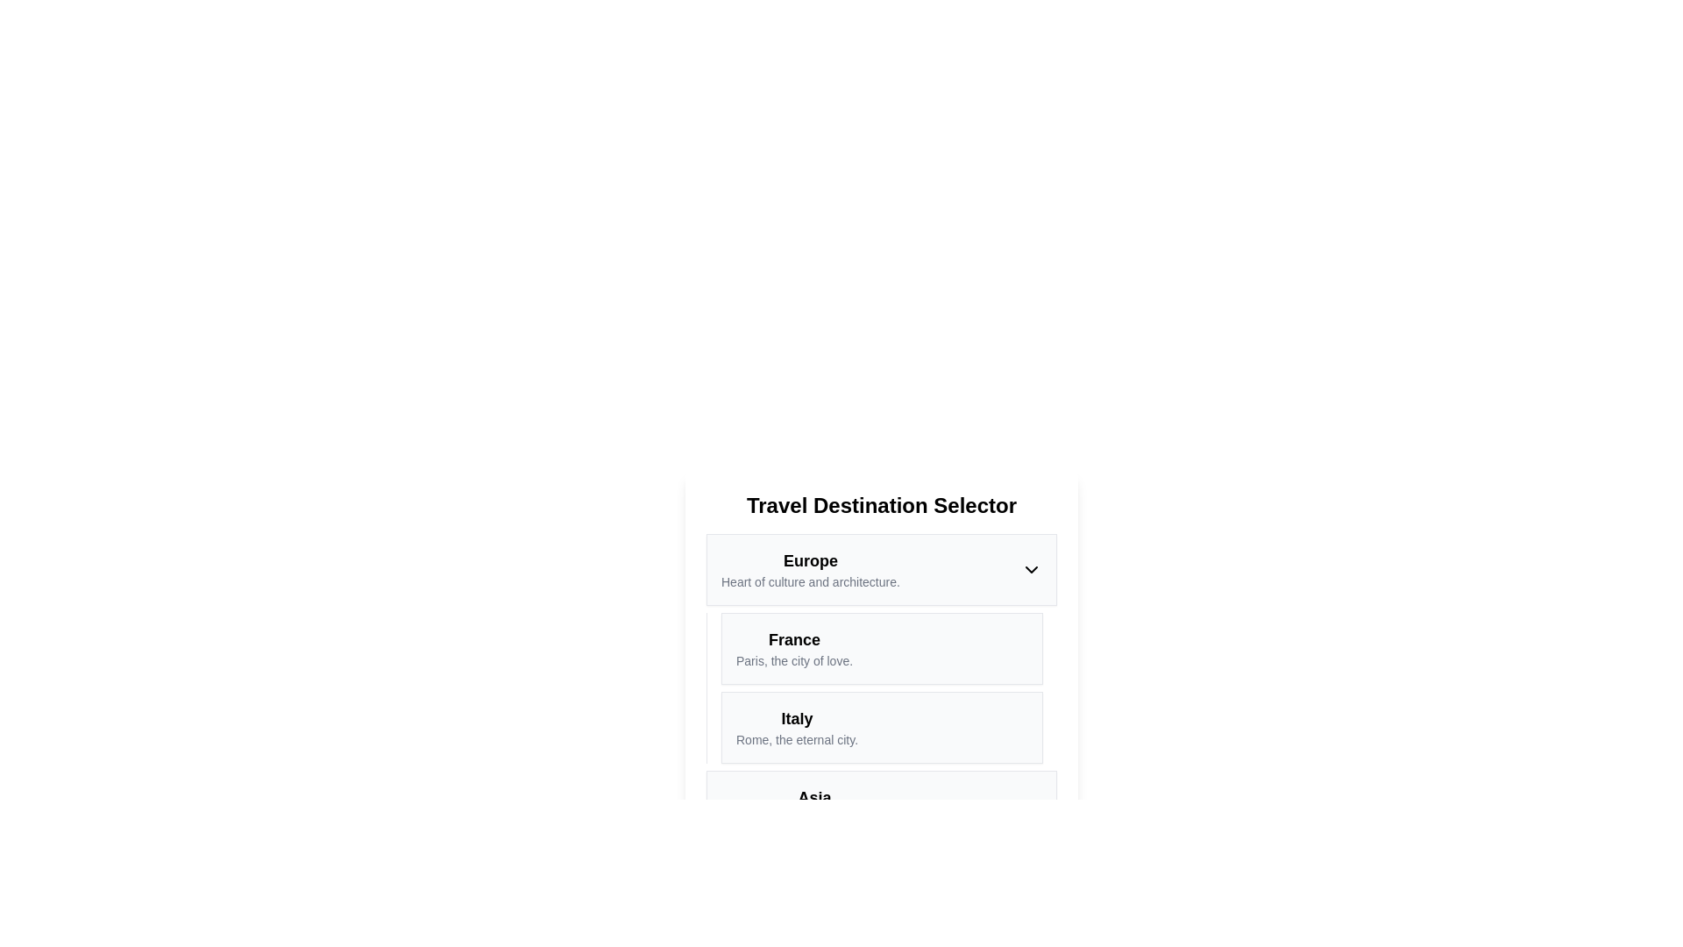 This screenshot has height=947, width=1683. What do you see at coordinates (793, 639) in the screenshot?
I see `the bold text element displaying 'France' in the travel destination selector interface, which is centrally aligned and positioned under the 'Europe' section` at bounding box center [793, 639].